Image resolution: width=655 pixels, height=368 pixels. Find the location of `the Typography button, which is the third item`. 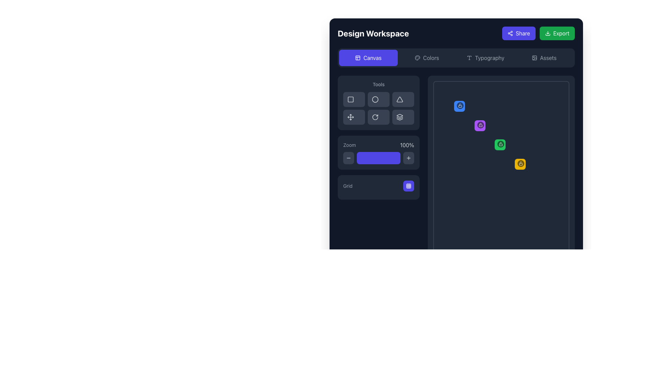

the Typography button, which is the third item is located at coordinates (485, 57).